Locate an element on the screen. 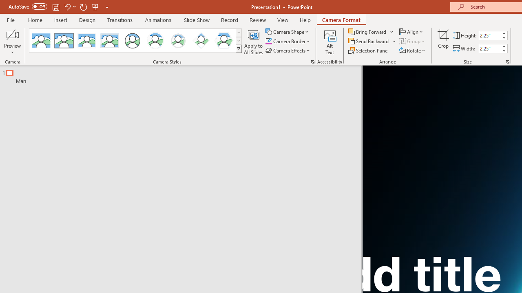 Image resolution: width=522 pixels, height=293 pixels. 'Send Backward' is located at coordinates (369, 41).